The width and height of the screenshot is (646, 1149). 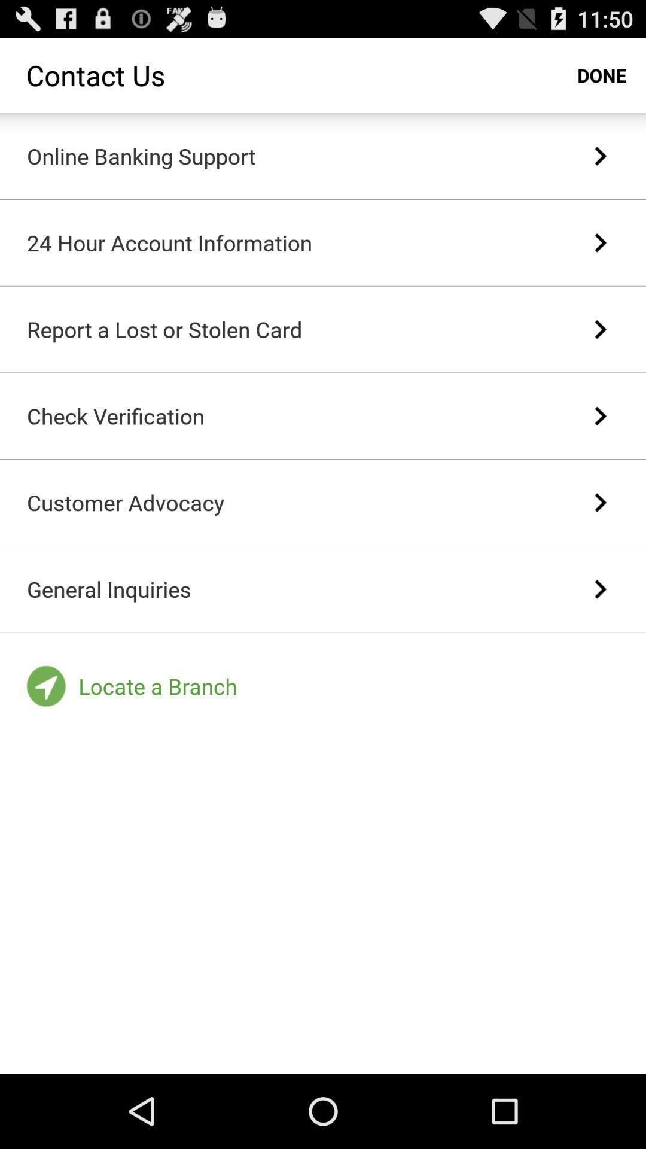 What do you see at coordinates (125, 503) in the screenshot?
I see `customer advocacy` at bounding box center [125, 503].